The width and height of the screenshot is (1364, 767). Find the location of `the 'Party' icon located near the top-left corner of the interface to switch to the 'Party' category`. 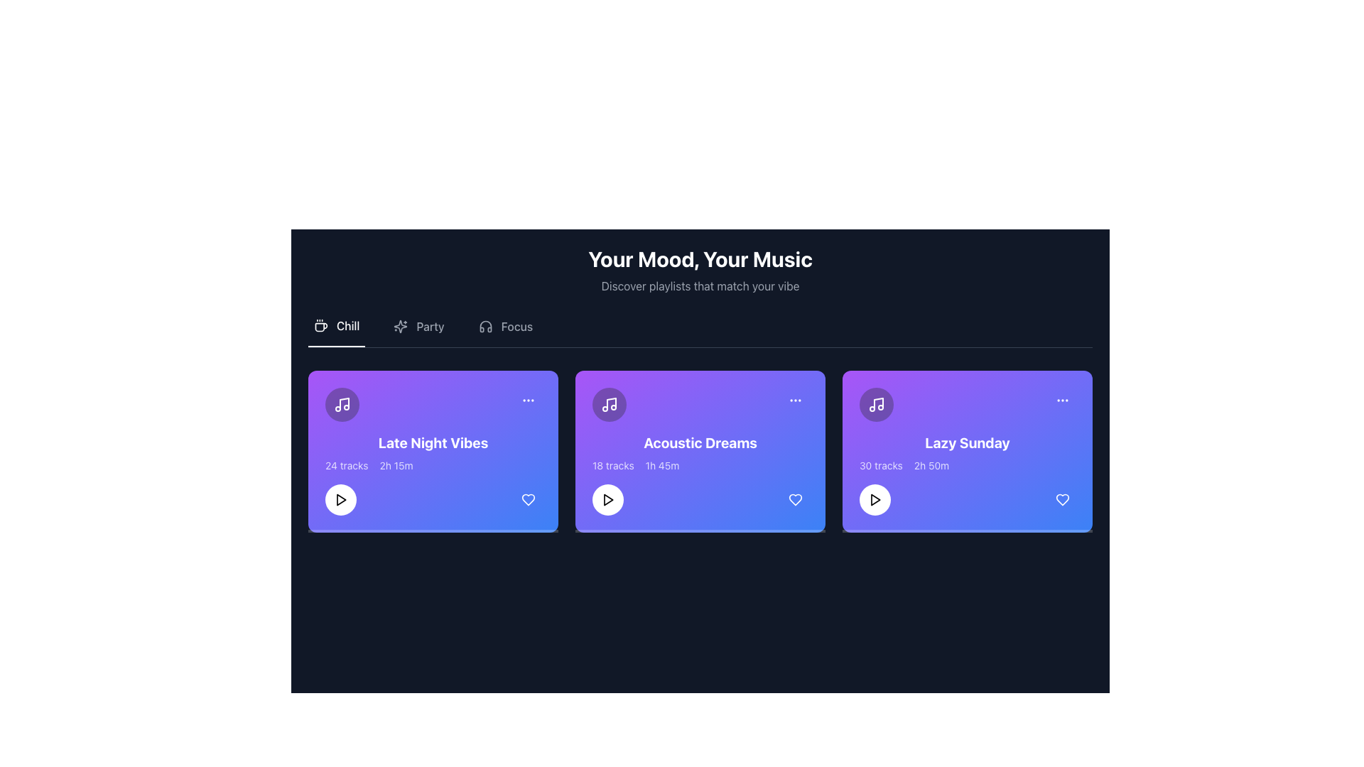

the 'Party' icon located near the top-left corner of the interface to switch to the 'Party' category is located at coordinates (400, 326).